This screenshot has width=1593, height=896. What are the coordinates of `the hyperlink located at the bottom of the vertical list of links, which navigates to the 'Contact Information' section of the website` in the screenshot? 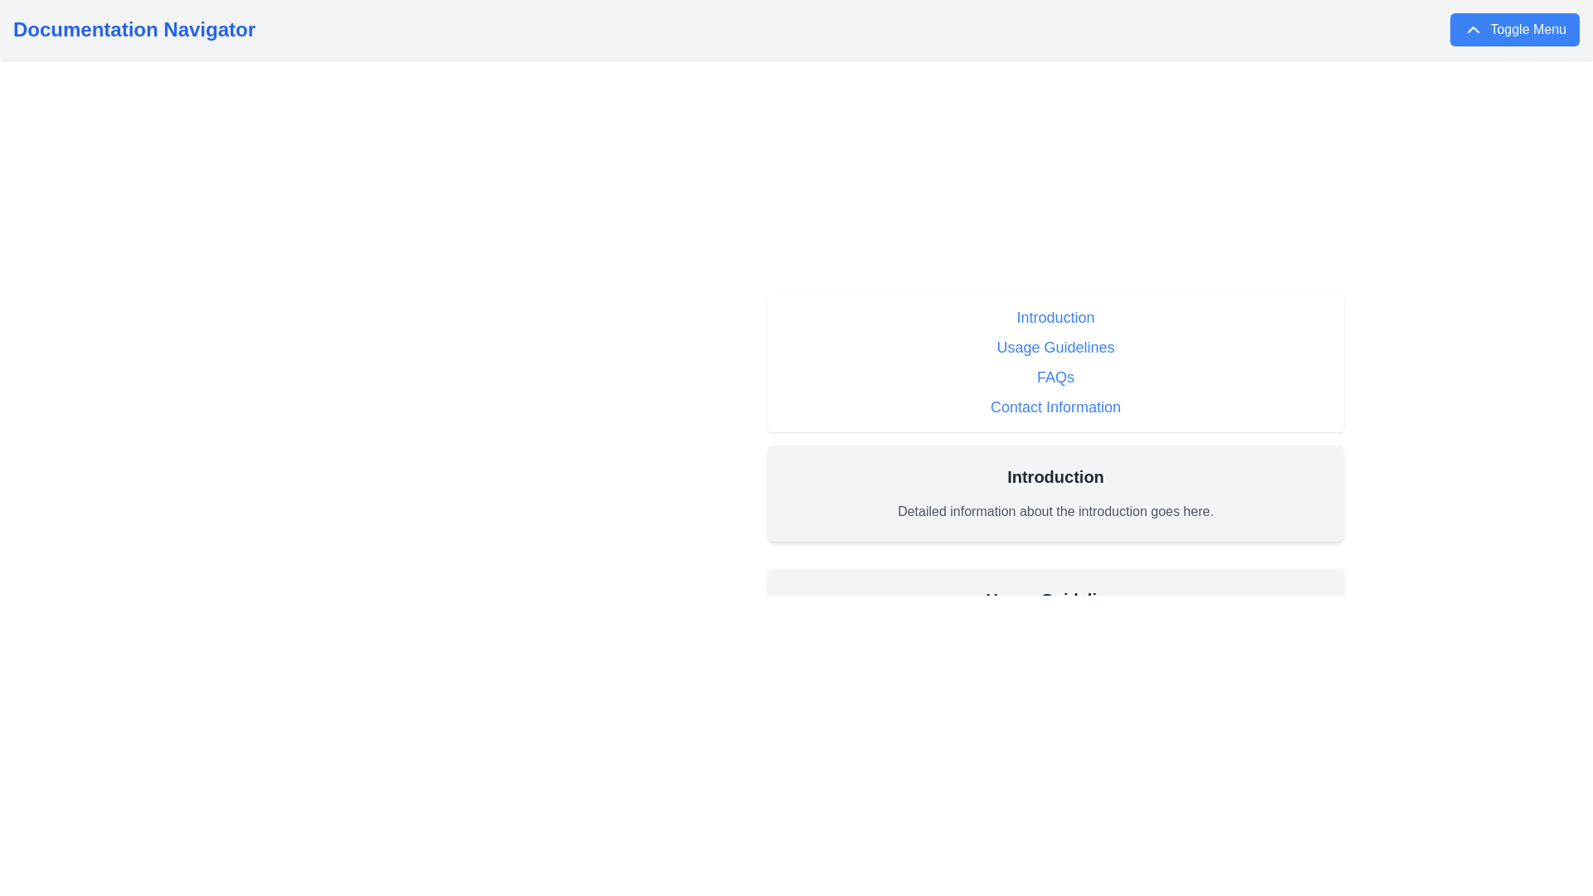 It's located at (1055, 407).